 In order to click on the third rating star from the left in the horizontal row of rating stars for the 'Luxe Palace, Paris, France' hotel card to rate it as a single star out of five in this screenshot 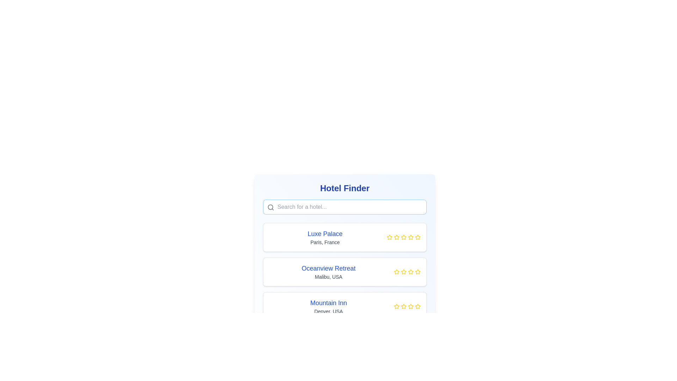, I will do `click(396, 237)`.